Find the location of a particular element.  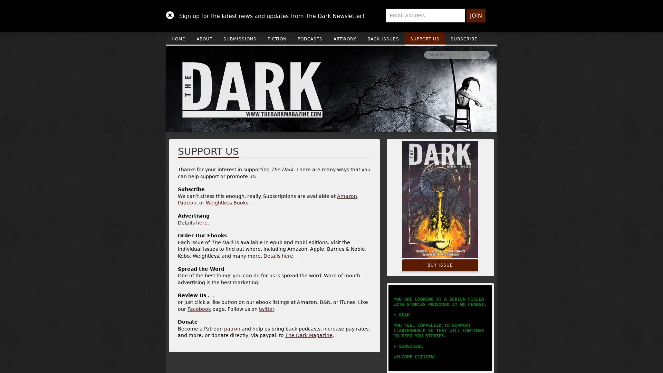

Search is located at coordinates (381, 54).